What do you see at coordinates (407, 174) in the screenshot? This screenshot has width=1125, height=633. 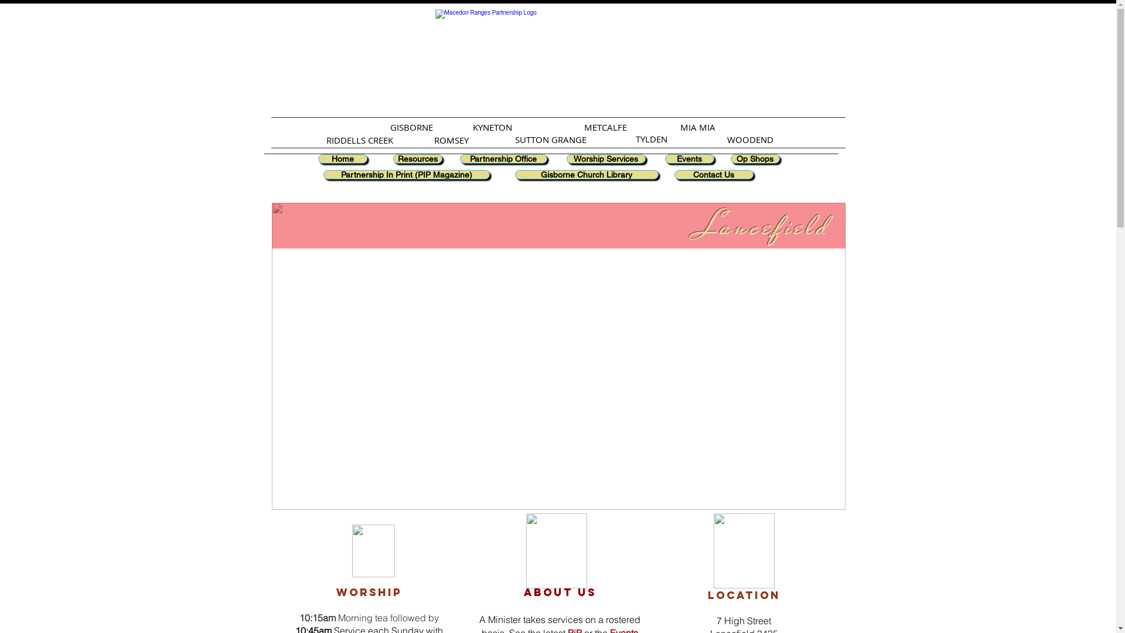 I see `'Partnership In Print (PIP Magazine)'` at bounding box center [407, 174].